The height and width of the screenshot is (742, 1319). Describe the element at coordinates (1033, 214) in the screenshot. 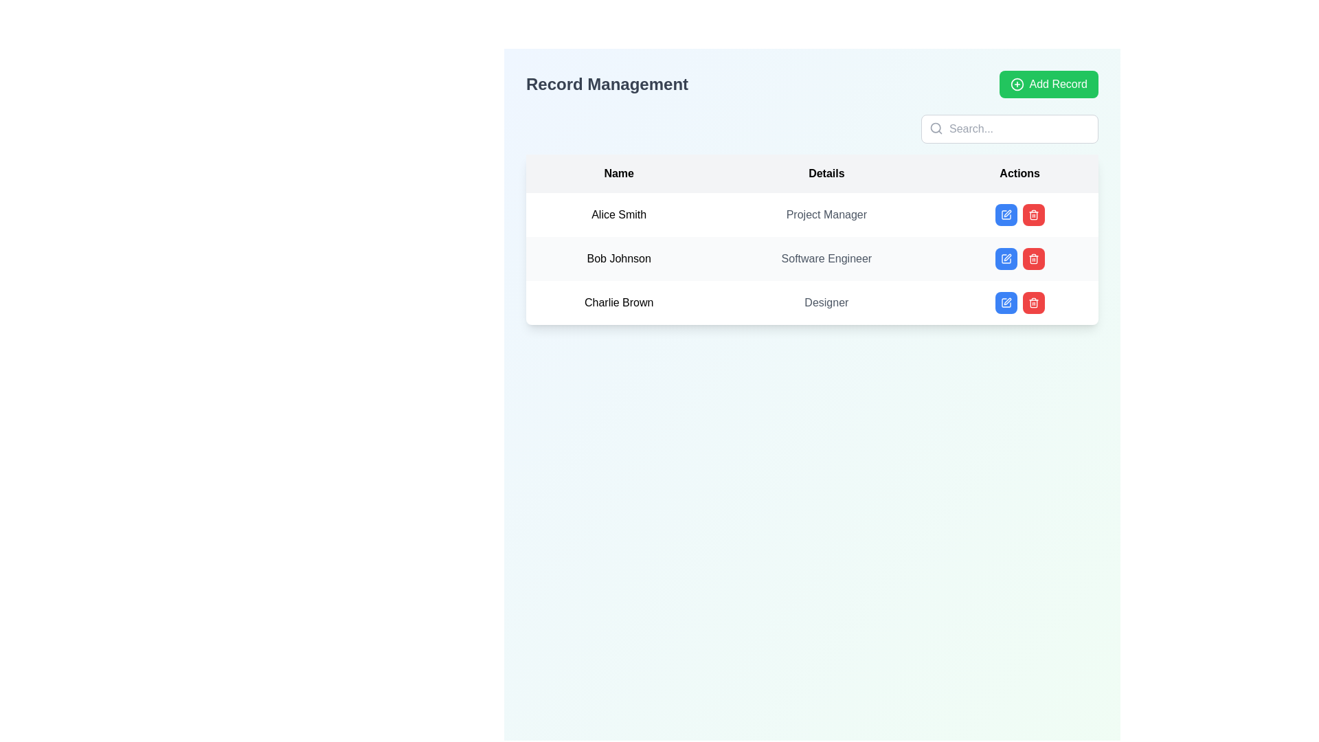

I see `the small red button with a trash can icon in the Actions column of the data table for the 'Alice Smith - Project Manager' record to initiate the delete action` at that location.